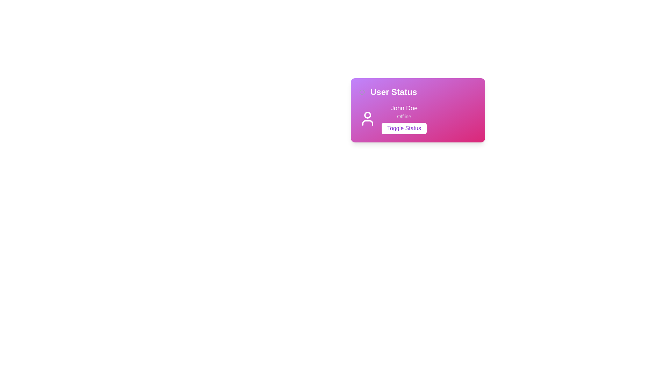 The image size is (671, 377). I want to click on the button labeled 'John Doe' located in the bottom-right area of the purple and pink gradient card, so click(404, 128).